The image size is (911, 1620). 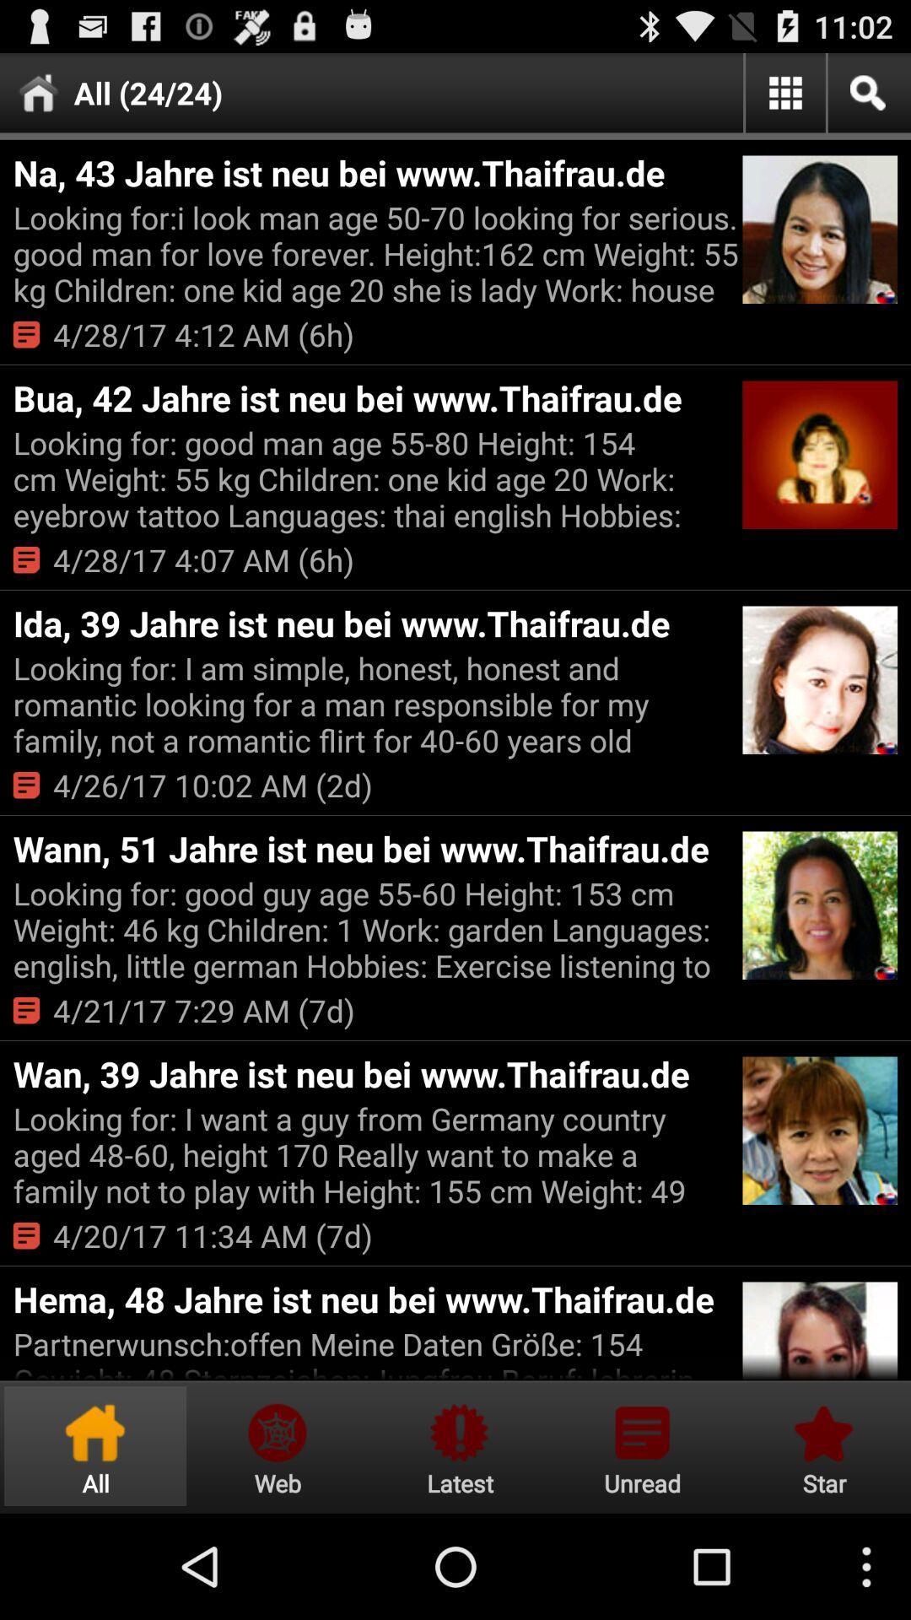 What do you see at coordinates (375, 848) in the screenshot?
I see `the item below 4 26 17 app` at bounding box center [375, 848].